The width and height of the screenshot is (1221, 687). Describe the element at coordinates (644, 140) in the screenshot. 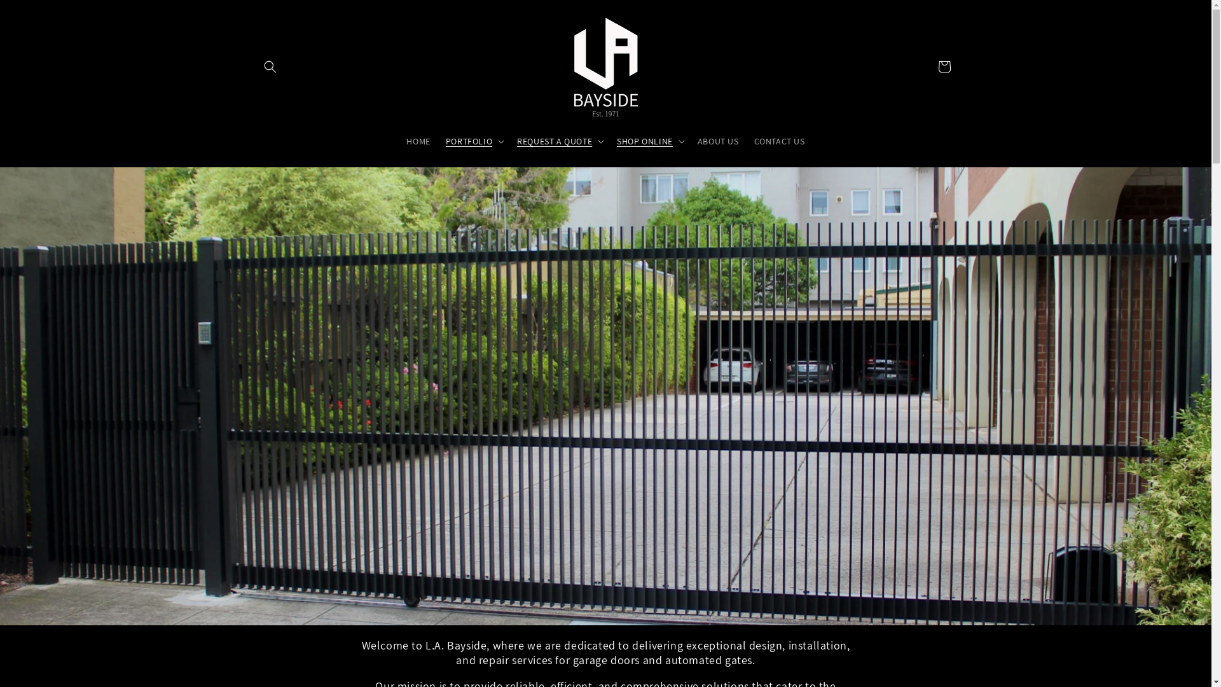

I see `'SHOP ONLINE'` at that location.